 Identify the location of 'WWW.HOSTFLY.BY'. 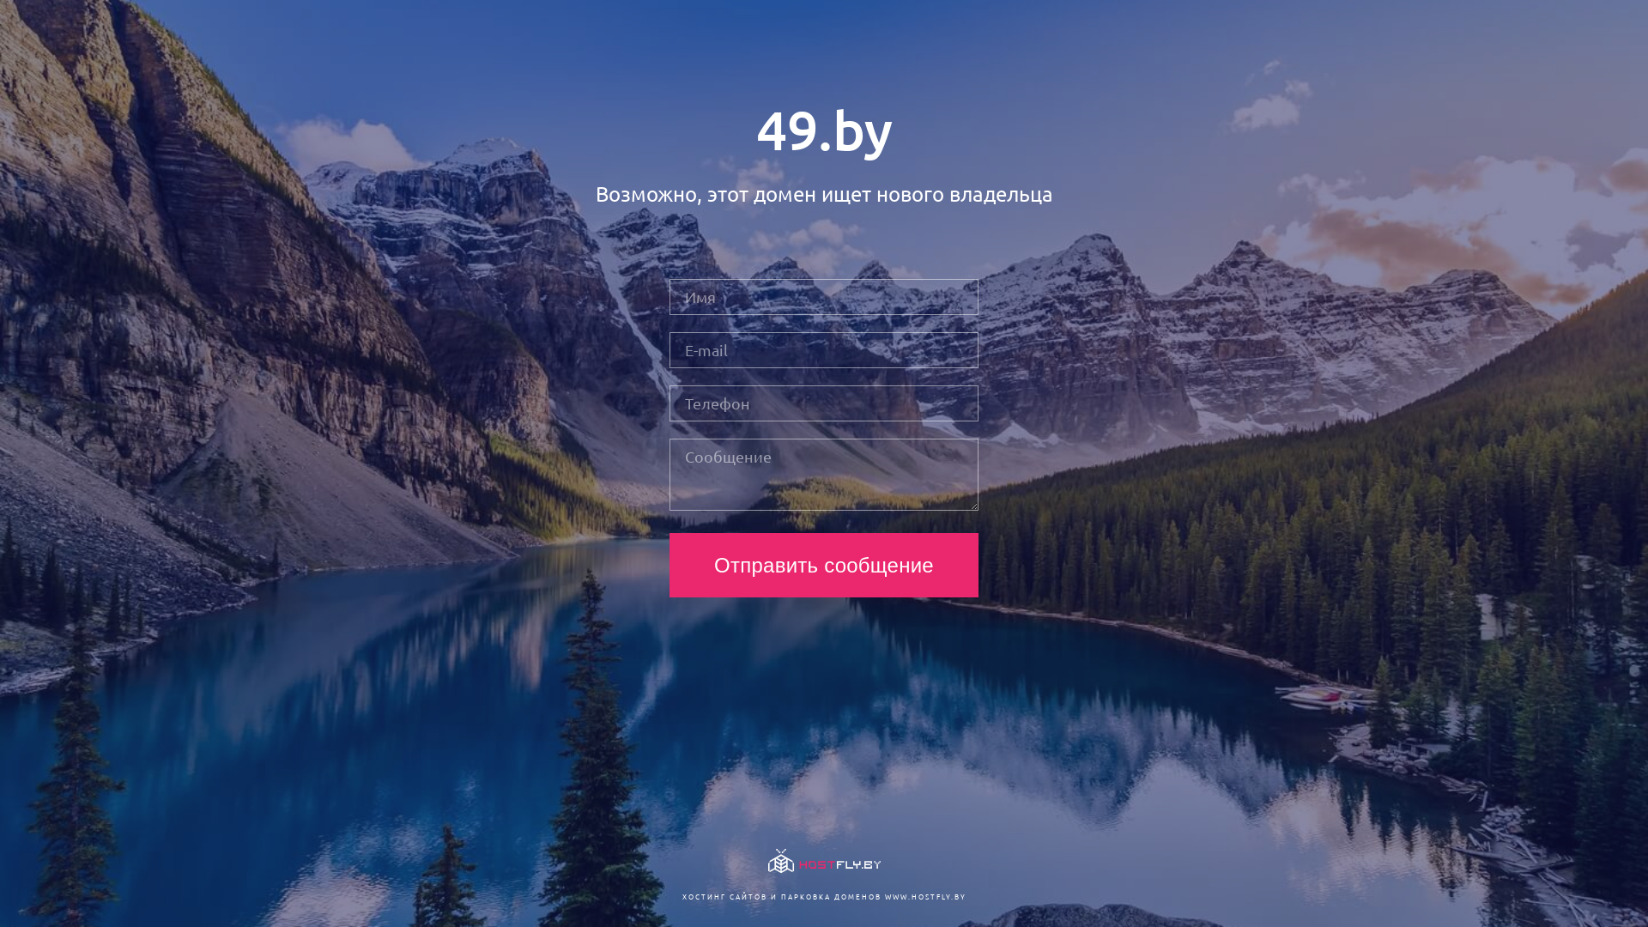
(884, 895).